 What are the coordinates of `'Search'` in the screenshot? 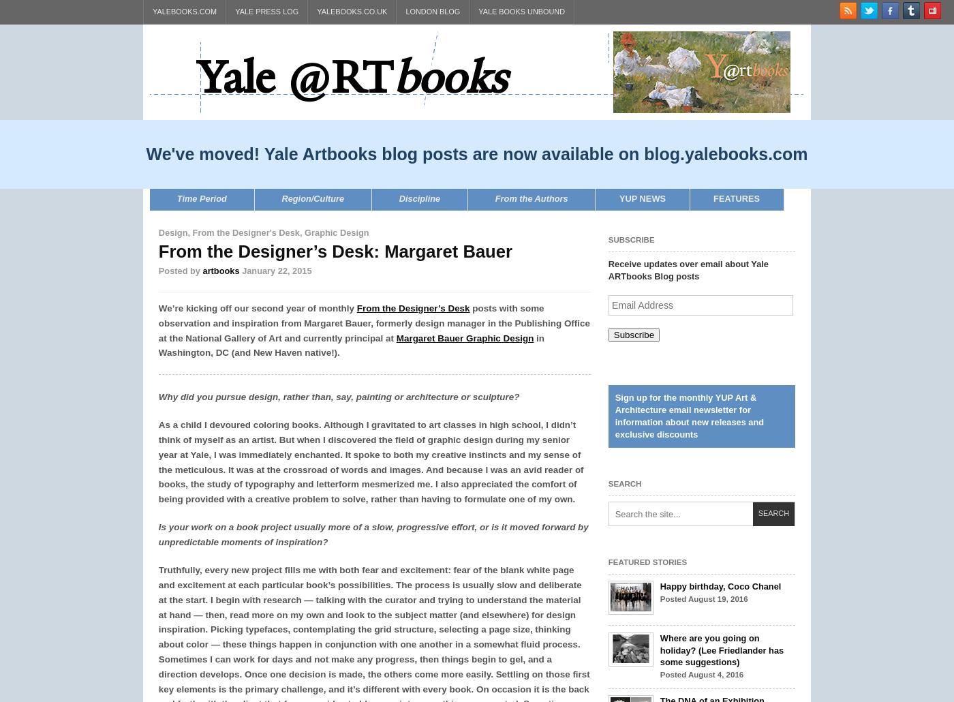 It's located at (624, 483).